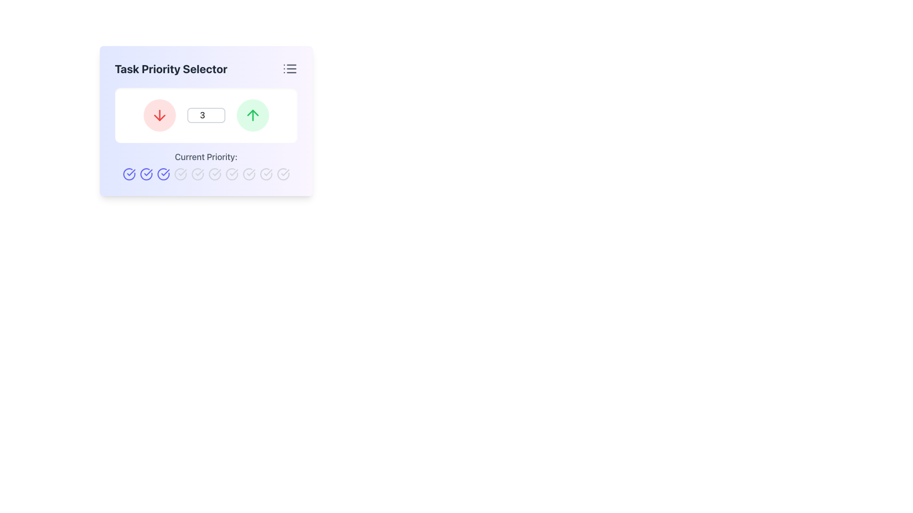 The image size is (913, 513). What do you see at coordinates (216, 172) in the screenshot?
I see `the check mark icon that indicates a completed action or positive status` at bounding box center [216, 172].